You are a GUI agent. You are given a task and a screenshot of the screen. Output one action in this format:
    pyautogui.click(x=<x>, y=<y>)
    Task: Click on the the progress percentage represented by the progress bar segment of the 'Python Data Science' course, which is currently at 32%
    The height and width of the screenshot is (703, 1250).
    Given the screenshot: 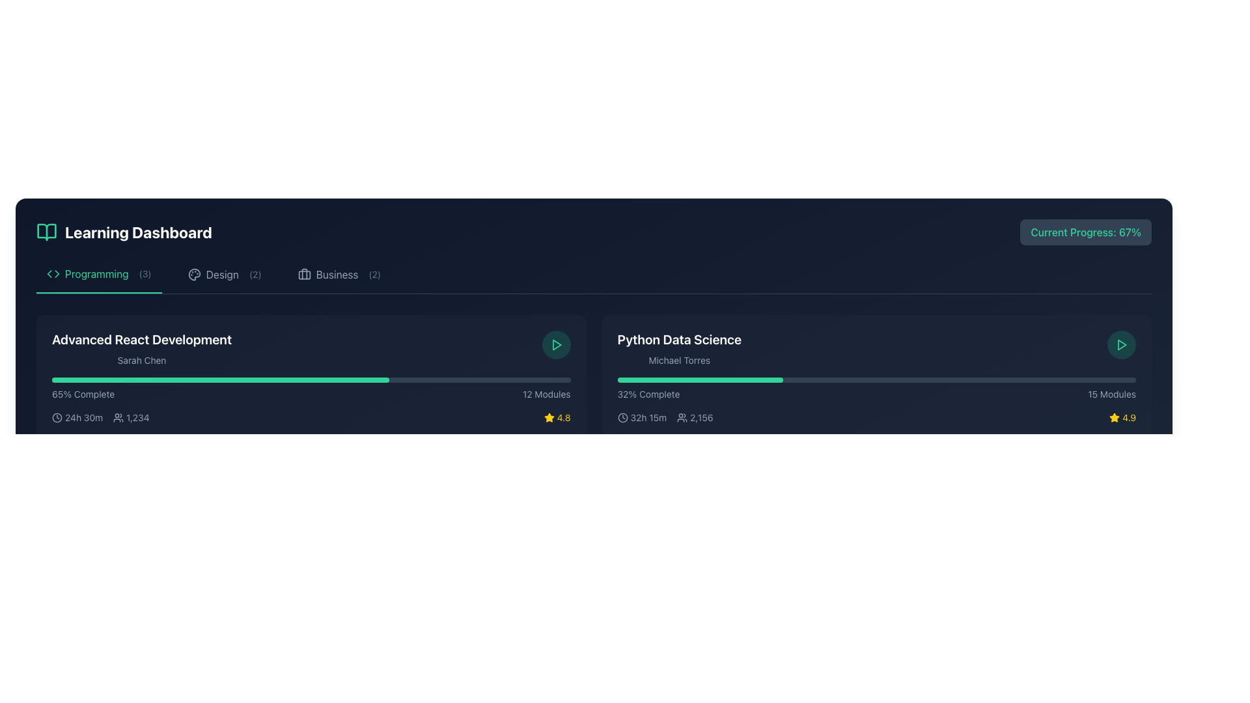 What is the action you would take?
    pyautogui.click(x=699, y=379)
    